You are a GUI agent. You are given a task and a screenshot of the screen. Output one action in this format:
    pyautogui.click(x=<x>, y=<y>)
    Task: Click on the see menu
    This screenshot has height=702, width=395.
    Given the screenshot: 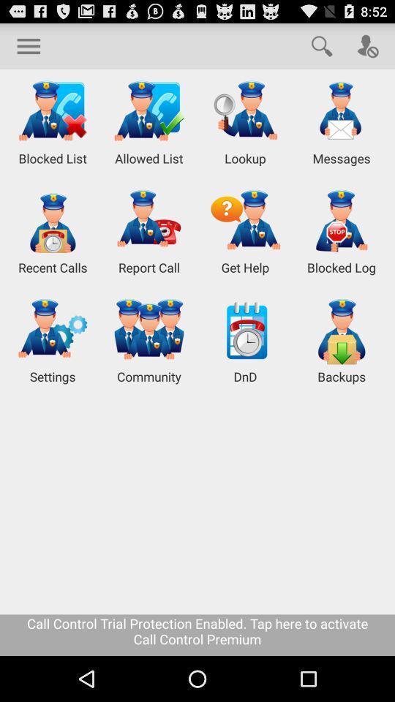 What is the action you would take?
    pyautogui.click(x=29, y=45)
    